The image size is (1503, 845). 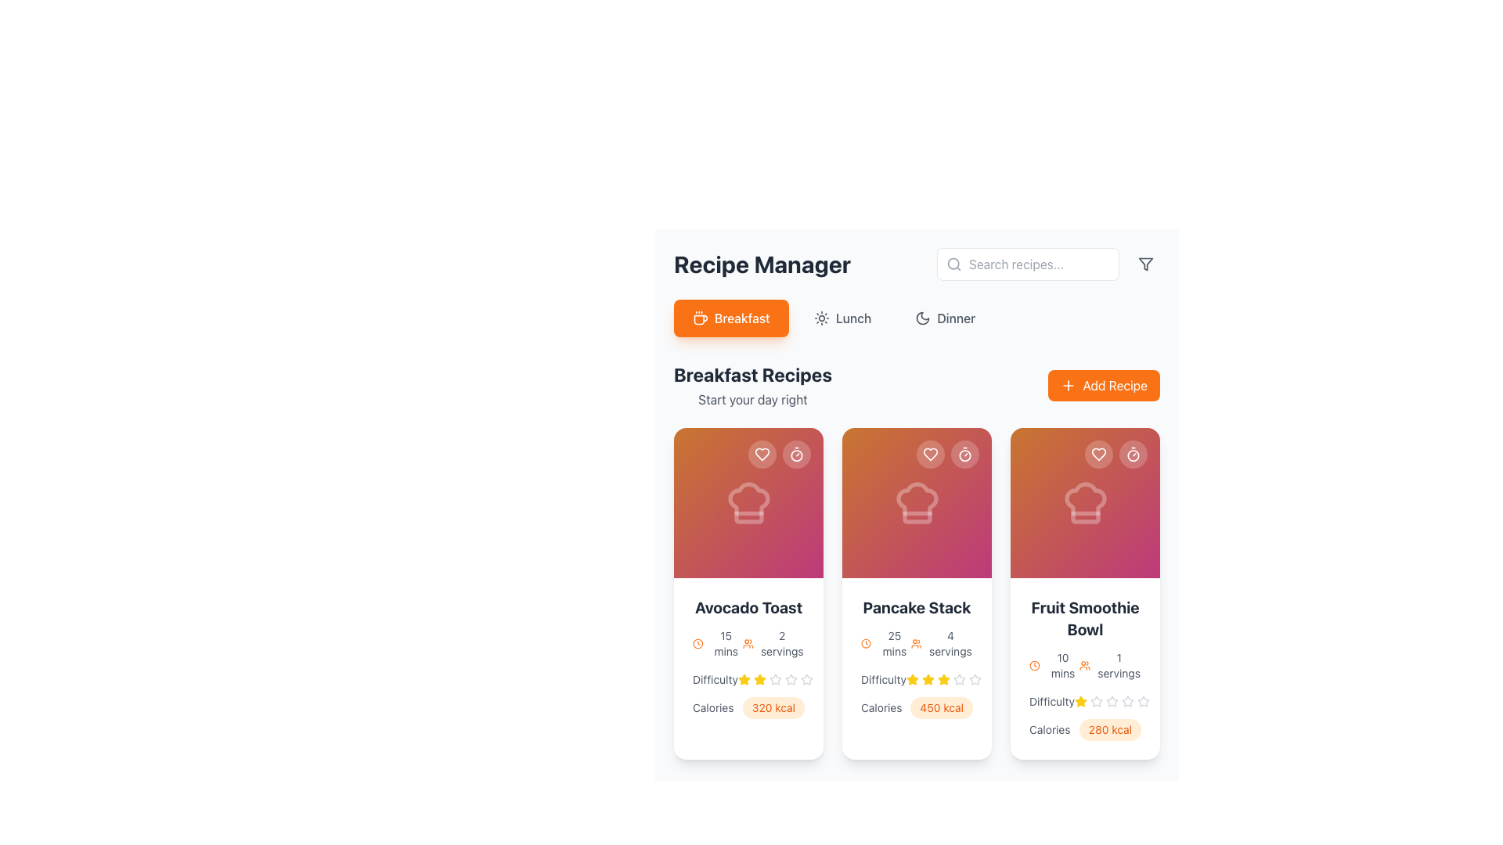 I want to click on the timer icon located in the top-right corner of the 'Pancake Stack' recipe card in the 'Breakfast Recipes' section, so click(x=964, y=455).